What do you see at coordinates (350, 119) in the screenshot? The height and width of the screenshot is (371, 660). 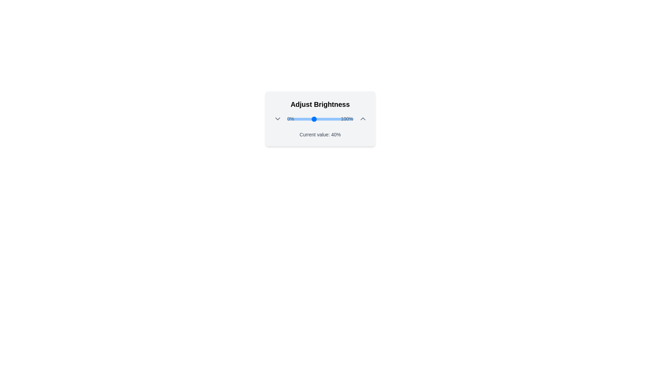 I see `brightness` at bounding box center [350, 119].